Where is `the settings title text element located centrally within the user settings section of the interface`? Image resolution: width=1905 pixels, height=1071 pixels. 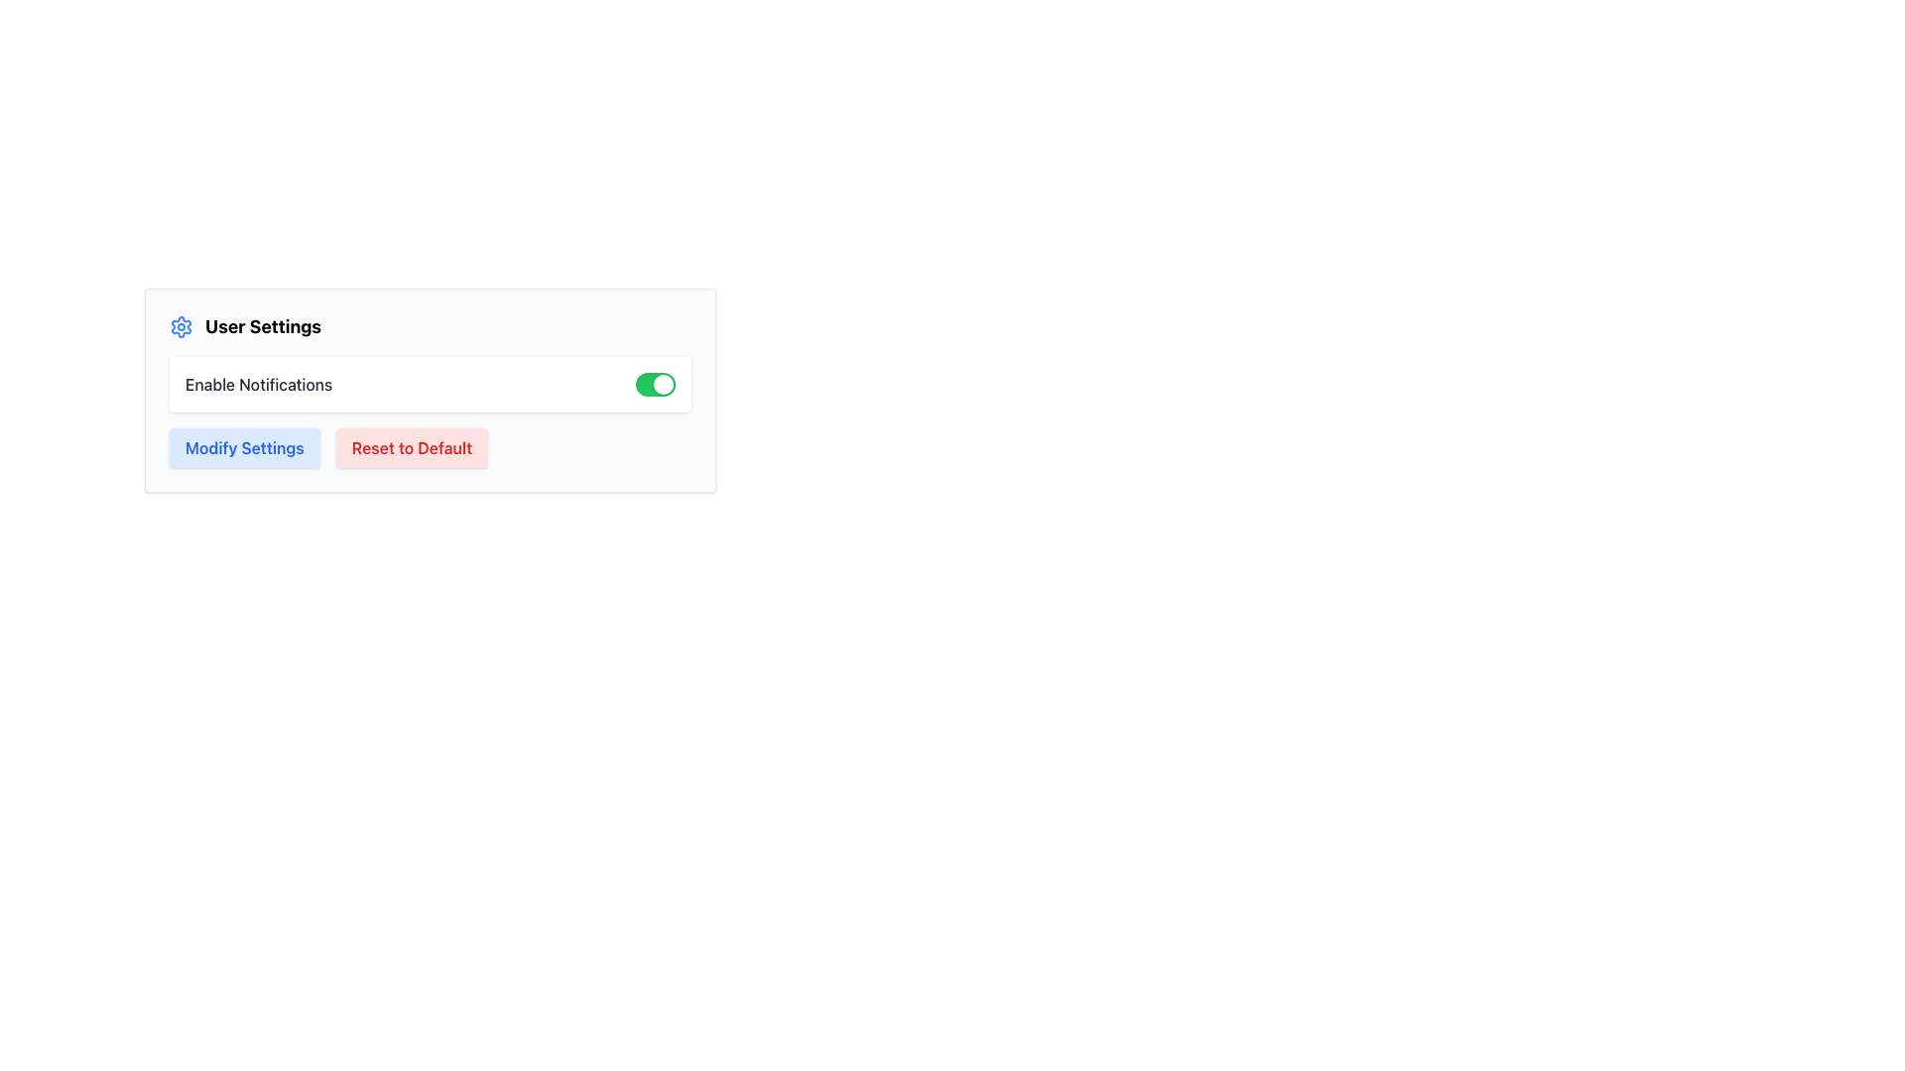
the settings title text element located centrally within the user settings section of the interface is located at coordinates (262, 326).